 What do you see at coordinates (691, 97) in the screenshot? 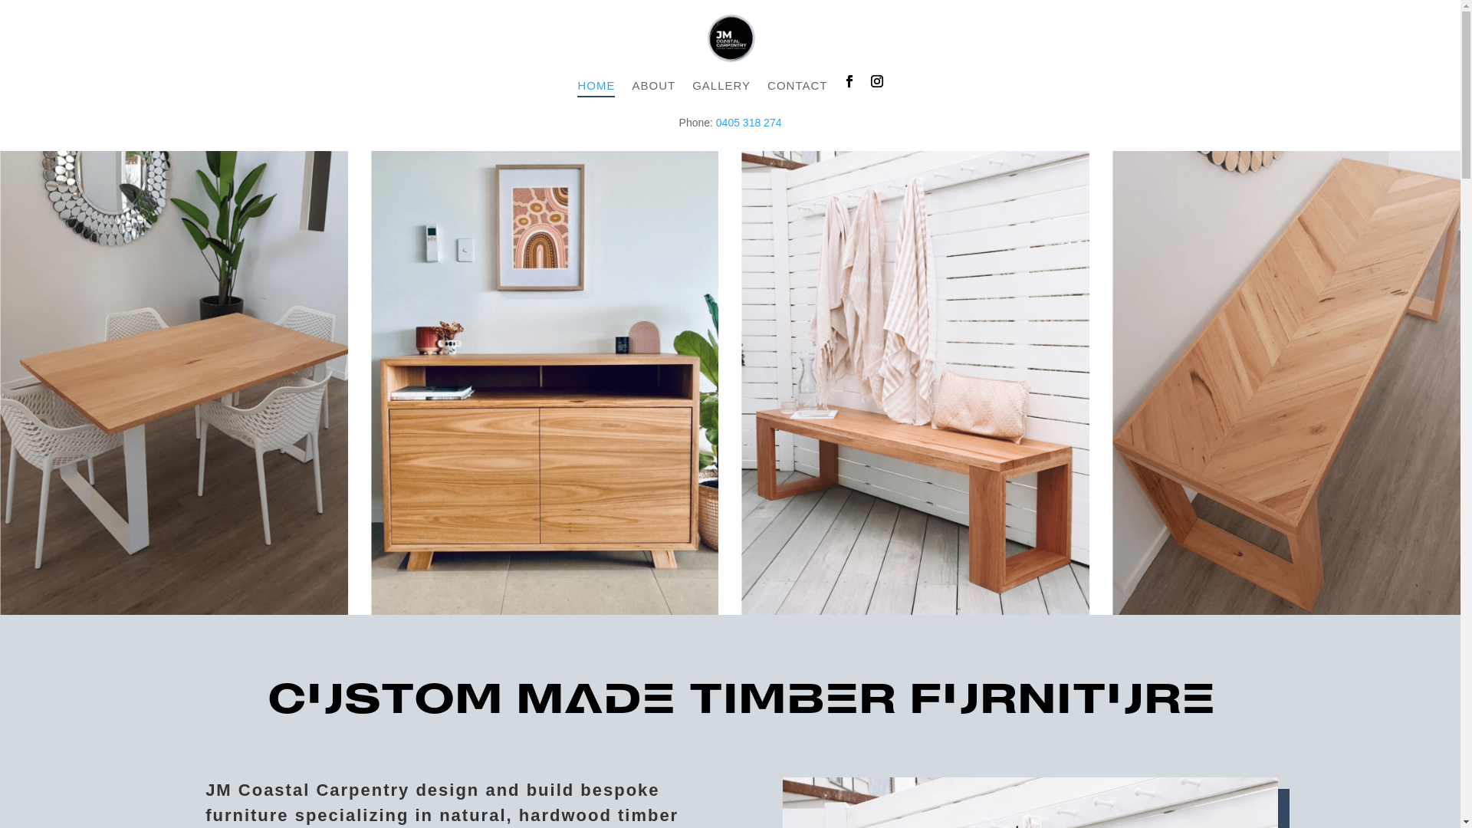
I see `'GALLERY'` at bounding box center [691, 97].